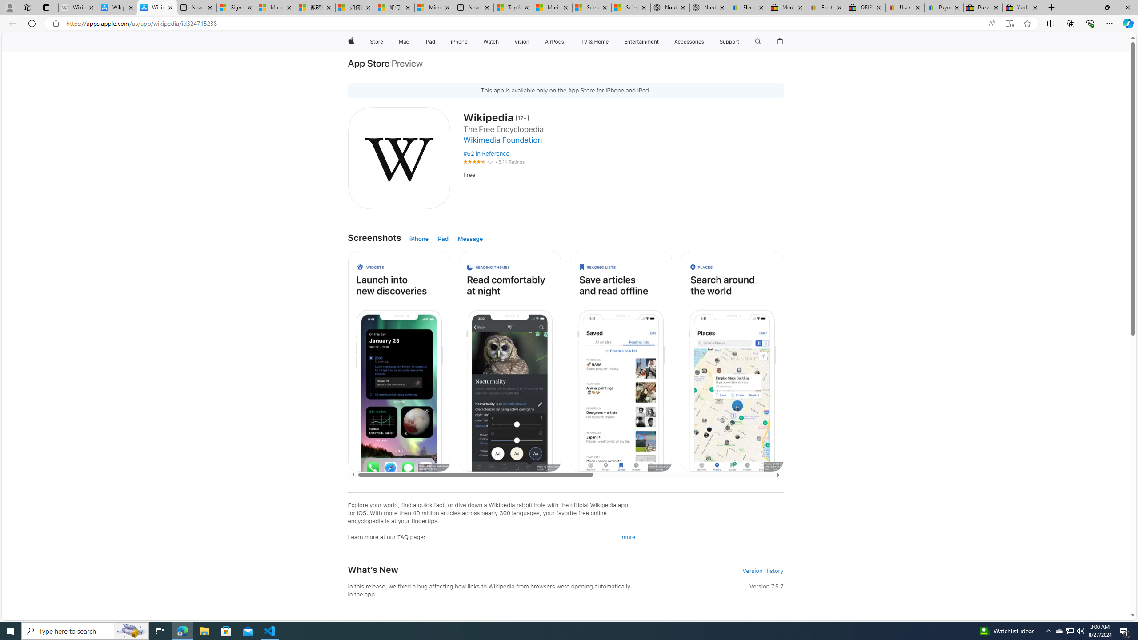  I want to click on 'Support menu', so click(741, 41).